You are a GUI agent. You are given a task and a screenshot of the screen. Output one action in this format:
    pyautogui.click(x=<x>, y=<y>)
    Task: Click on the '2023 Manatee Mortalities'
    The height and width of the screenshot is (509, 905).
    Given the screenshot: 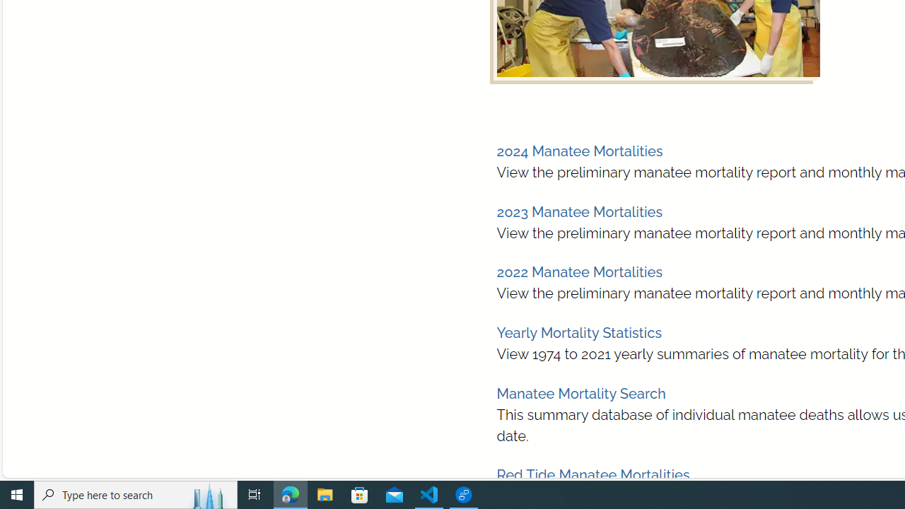 What is the action you would take?
    pyautogui.click(x=579, y=211)
    